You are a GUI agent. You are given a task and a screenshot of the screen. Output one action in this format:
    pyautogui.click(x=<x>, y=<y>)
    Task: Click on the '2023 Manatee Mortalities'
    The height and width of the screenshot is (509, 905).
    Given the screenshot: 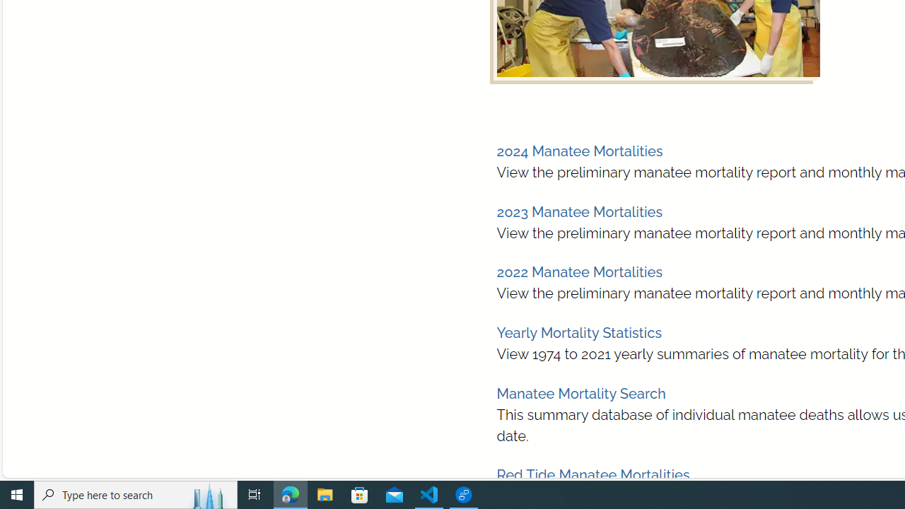 What is the action you would take?
    pyautogui.click(x=579, y=211)
    